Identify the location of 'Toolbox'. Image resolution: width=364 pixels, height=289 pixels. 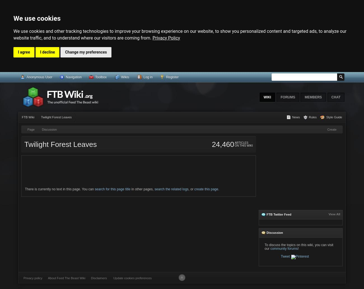
(100, 77).